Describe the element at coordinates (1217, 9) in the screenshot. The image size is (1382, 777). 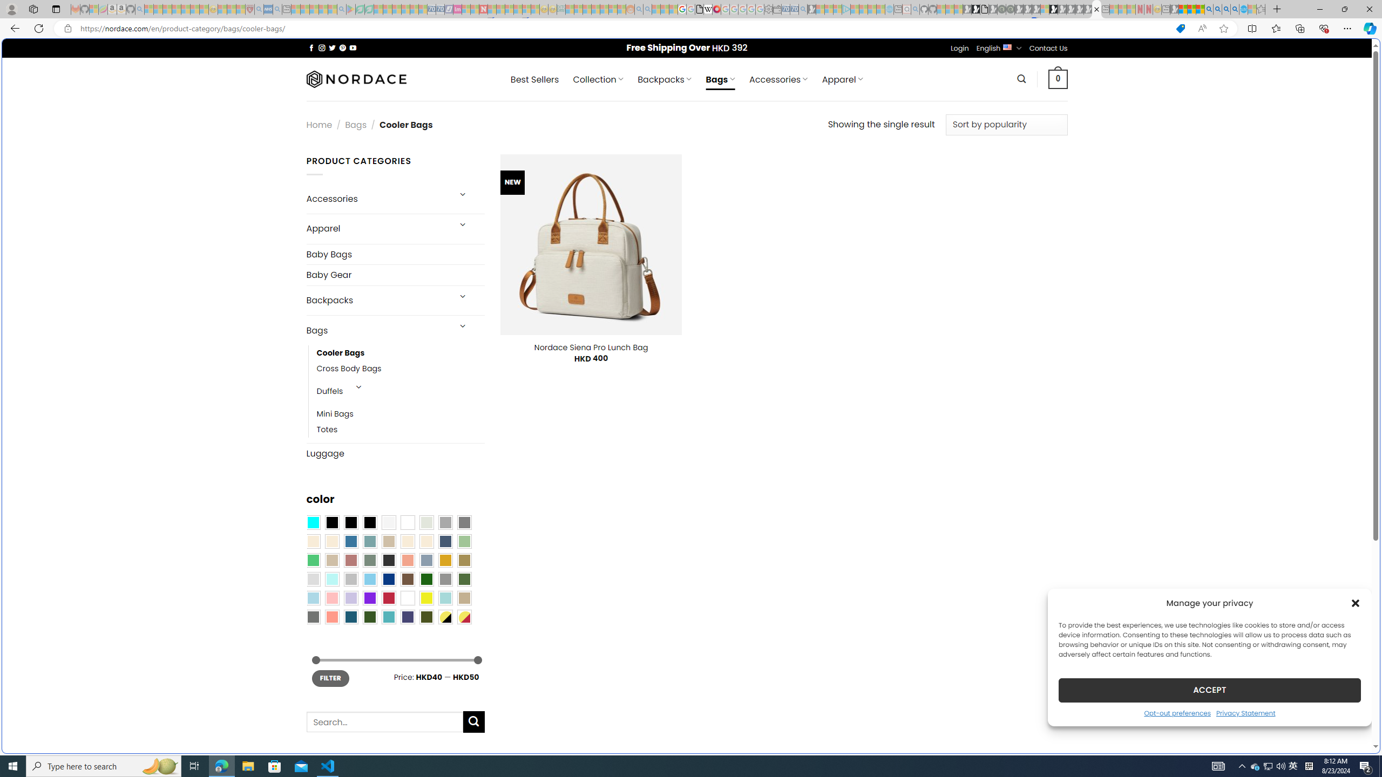
I see `'2009 Bing officially replaced Live Search on June 3 - Search'` at that location.